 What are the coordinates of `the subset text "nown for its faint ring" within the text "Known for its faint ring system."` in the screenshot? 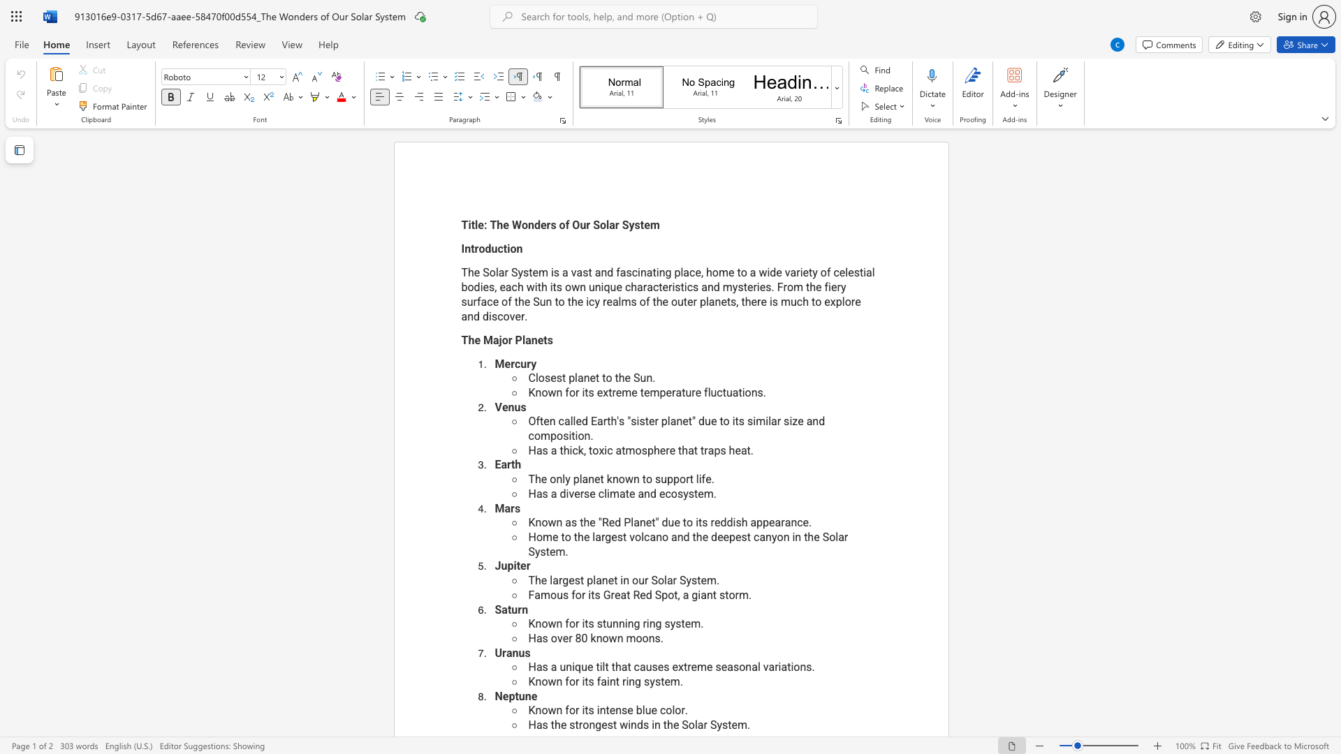 It's located at (534, 681).